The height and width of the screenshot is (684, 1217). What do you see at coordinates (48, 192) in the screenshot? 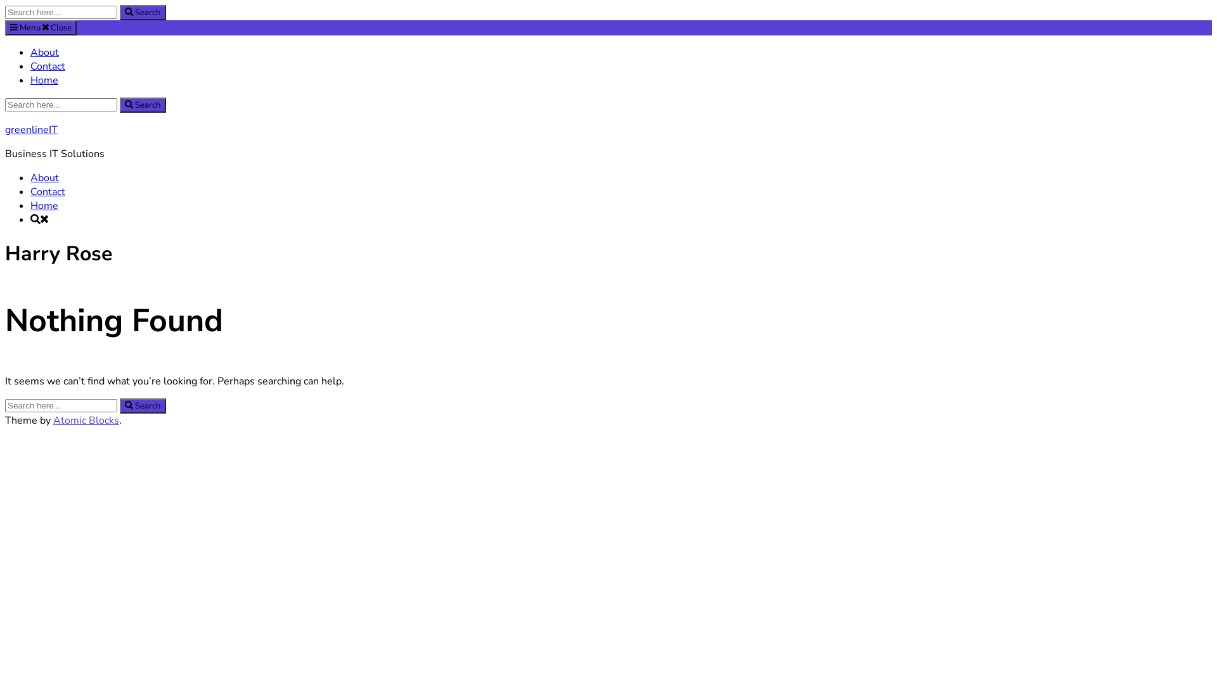
I see `'Contact'` at bounding box center [48, 192].